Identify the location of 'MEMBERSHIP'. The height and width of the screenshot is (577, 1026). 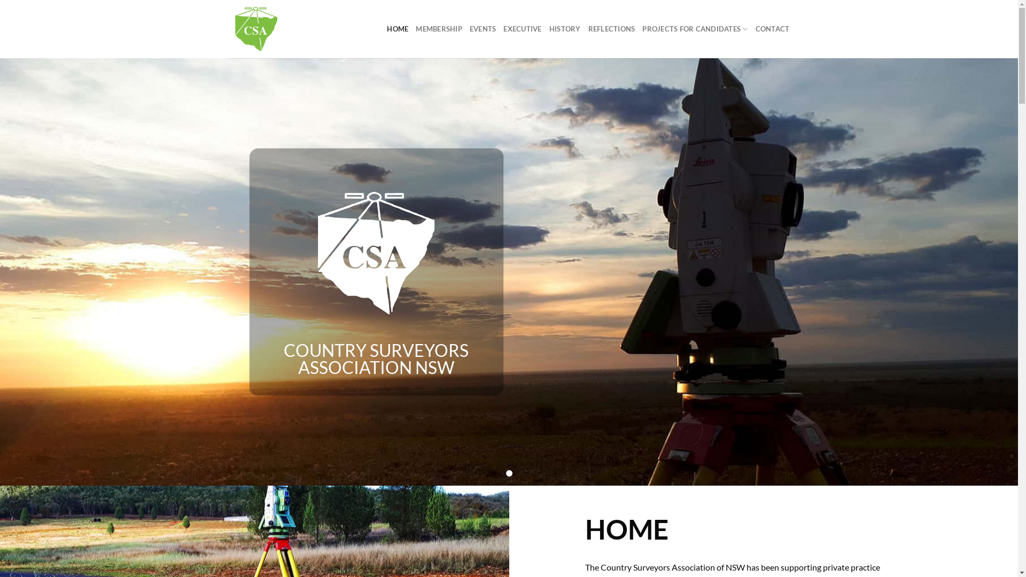
(439, 28).